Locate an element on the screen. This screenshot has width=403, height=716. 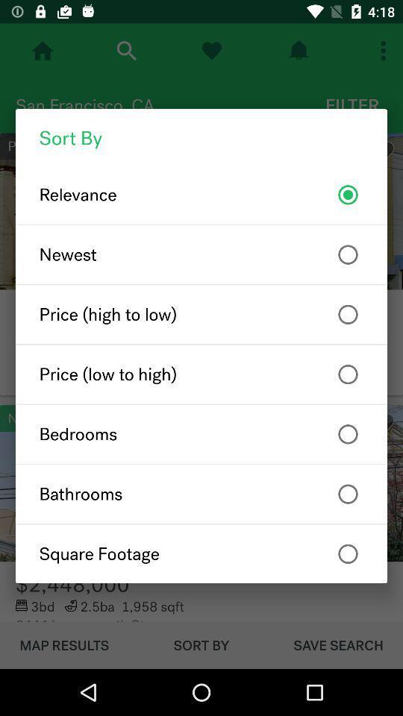
item below bathrooms item is located at coordinates (201, 553).